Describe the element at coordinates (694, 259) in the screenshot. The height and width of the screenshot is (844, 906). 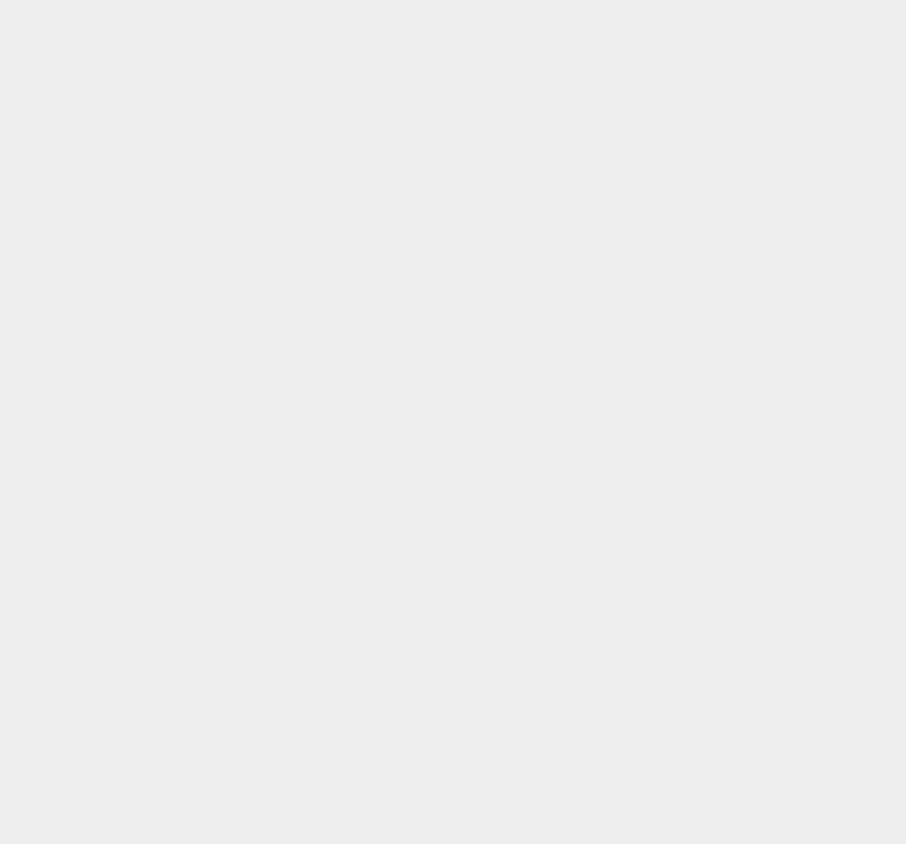
I see `'Search Engine Results'` at that location.